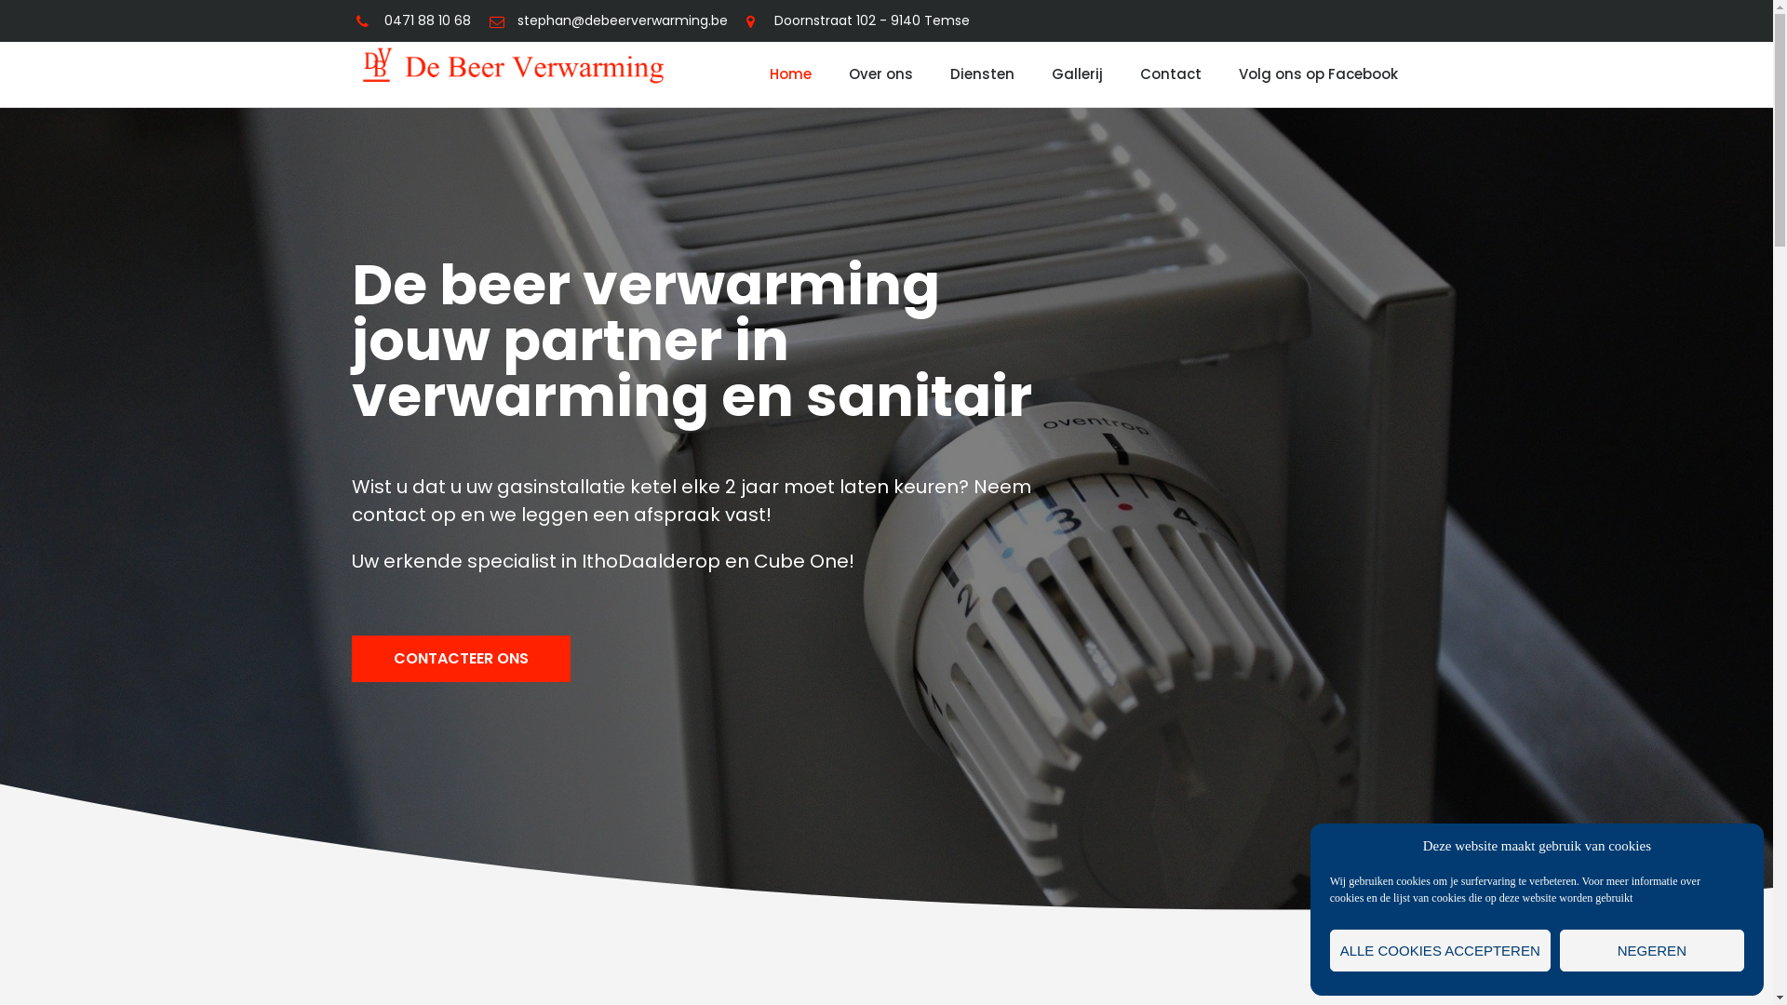 Image resolution: width=1787 pixels, height=1005 pixels. What do you see at coordinates (790, 74) in the screenshot?
I see `'Home'` at bounding box center [790, 74].